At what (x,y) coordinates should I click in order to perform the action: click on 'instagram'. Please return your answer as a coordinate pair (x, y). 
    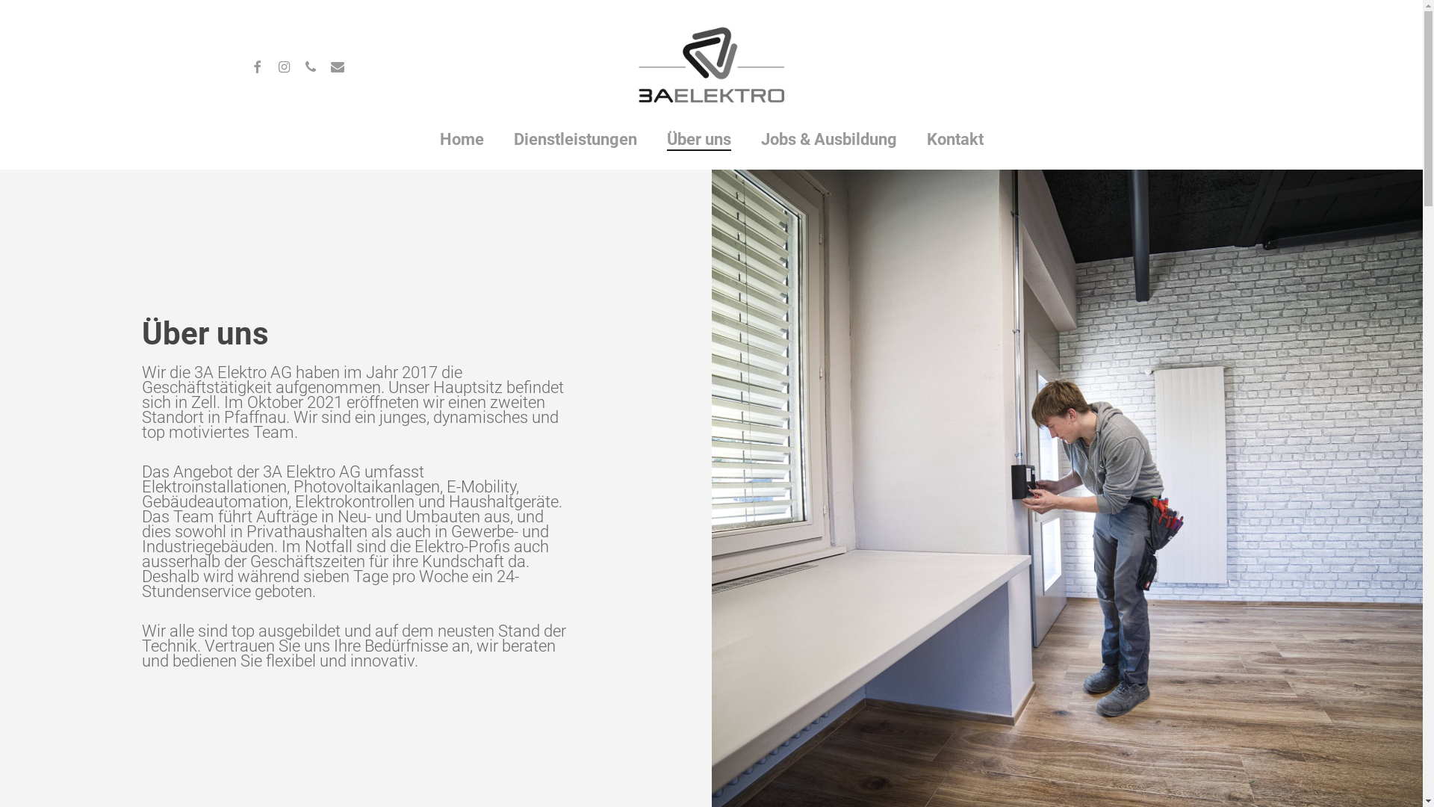
    Looking at the image, I should click on (283, 64).